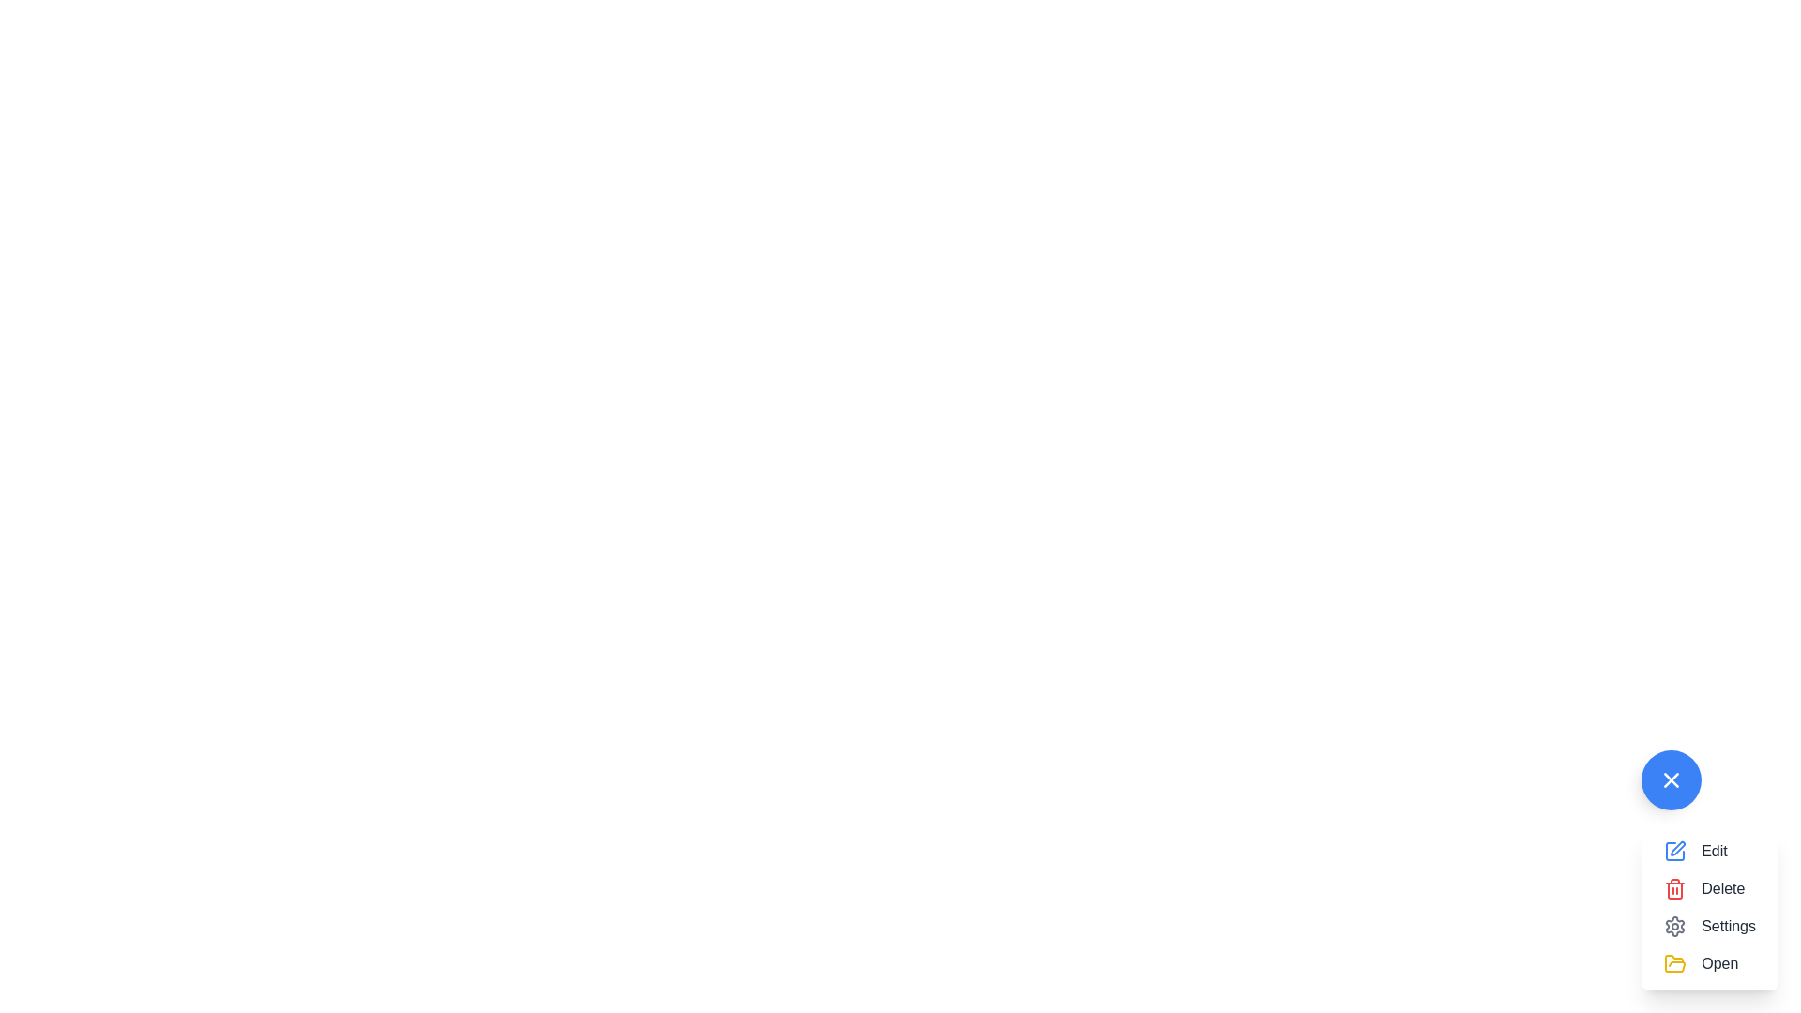  I want to click on the interactive button labeled 'Open' with a yellow folder icon, so click(1710, 964).